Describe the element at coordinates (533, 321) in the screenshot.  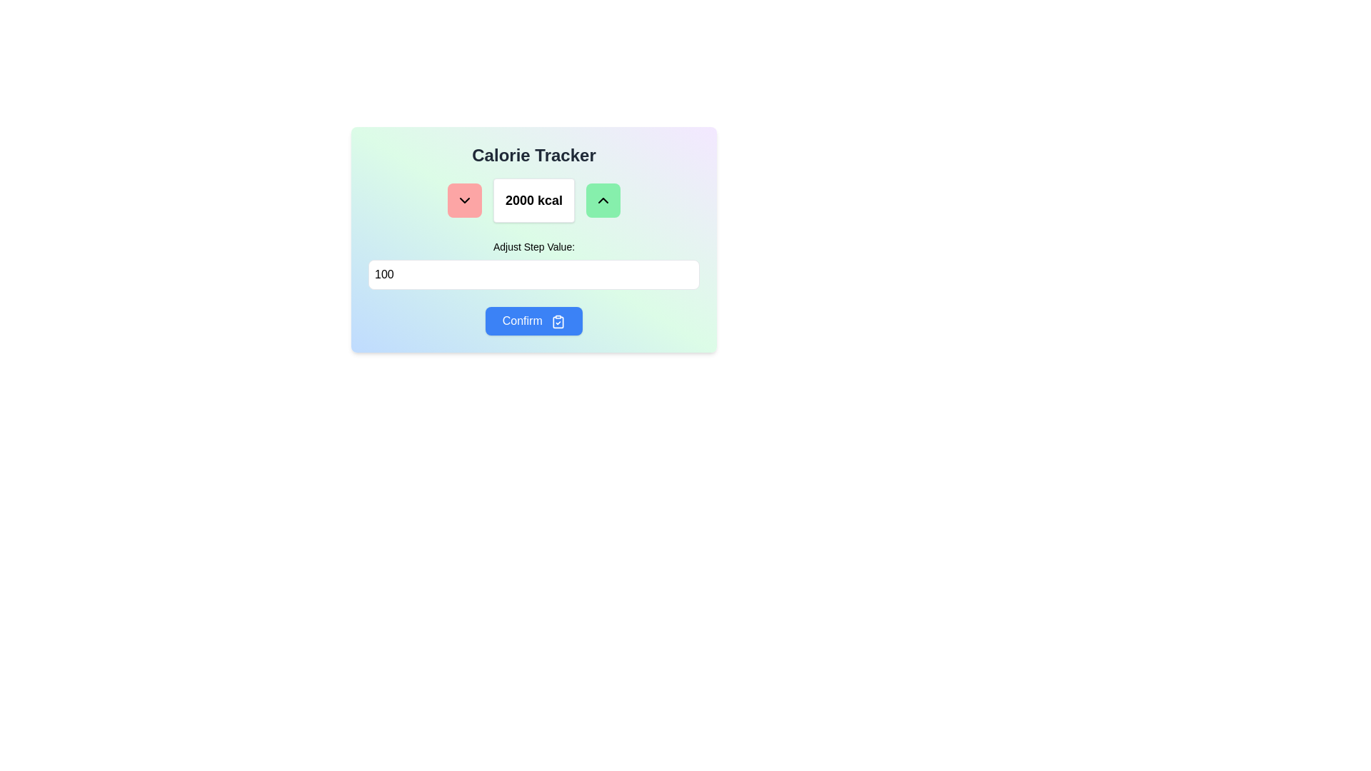
I see `the blue 'Confirm' button with white text` at that location.